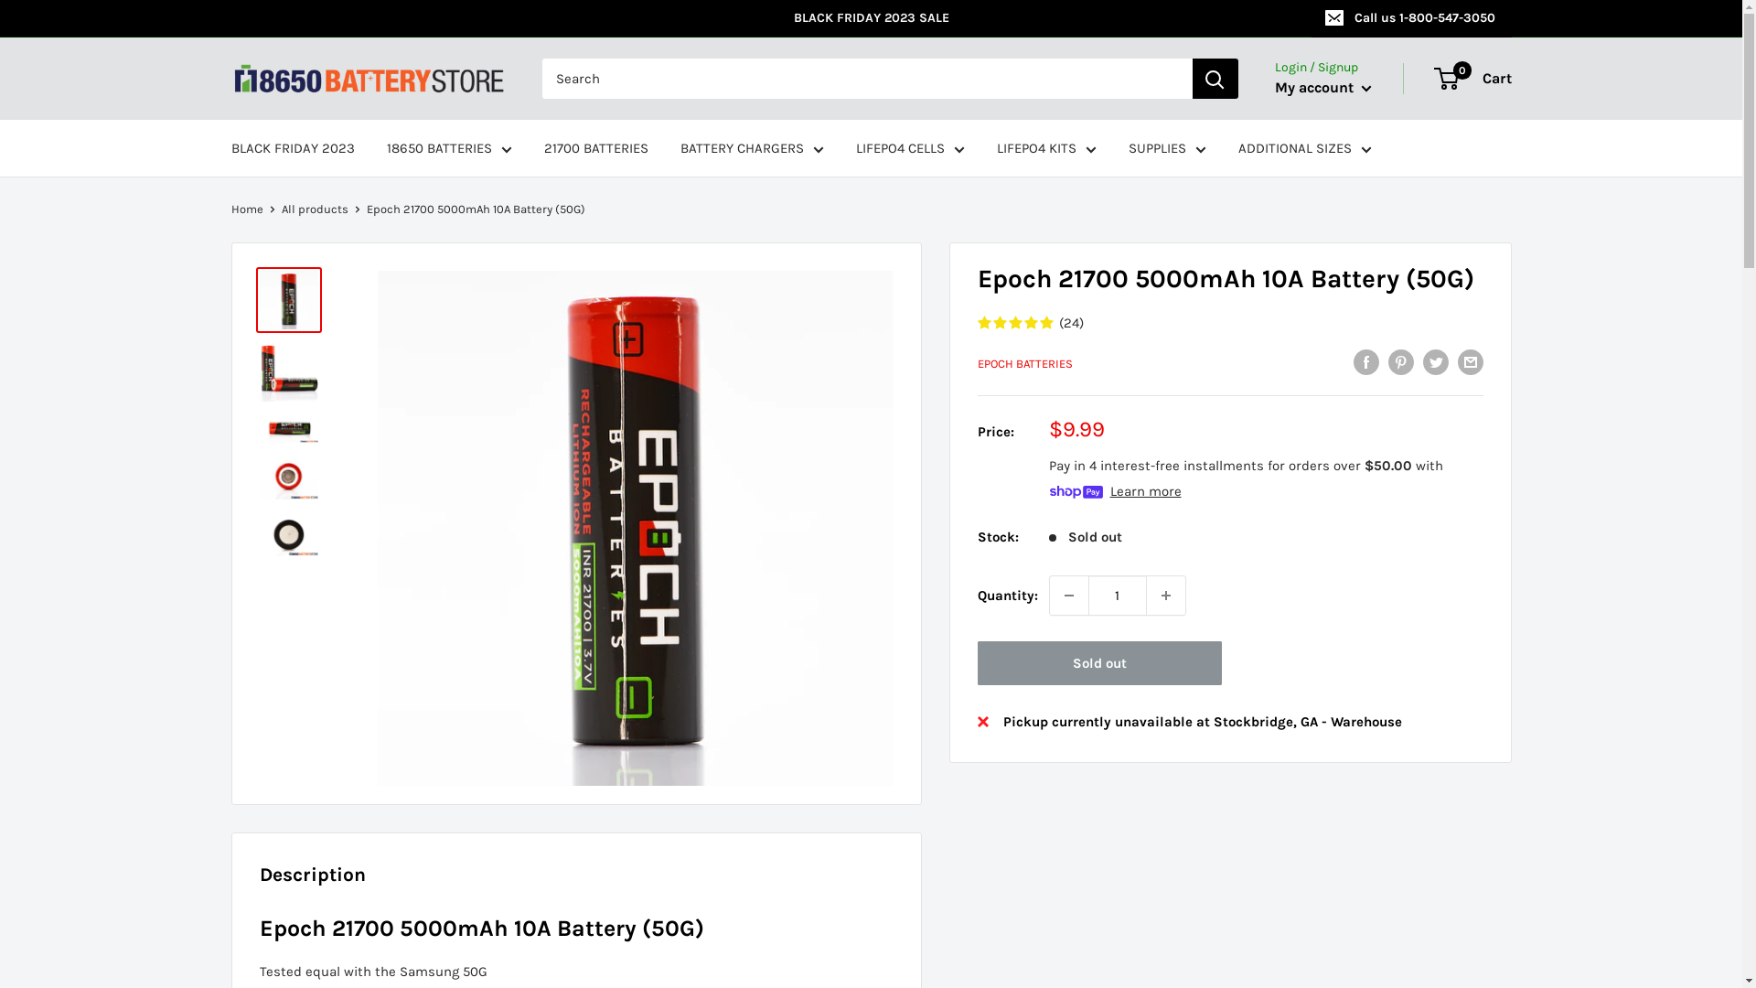  I want to click on '0, so click(1473, 77).